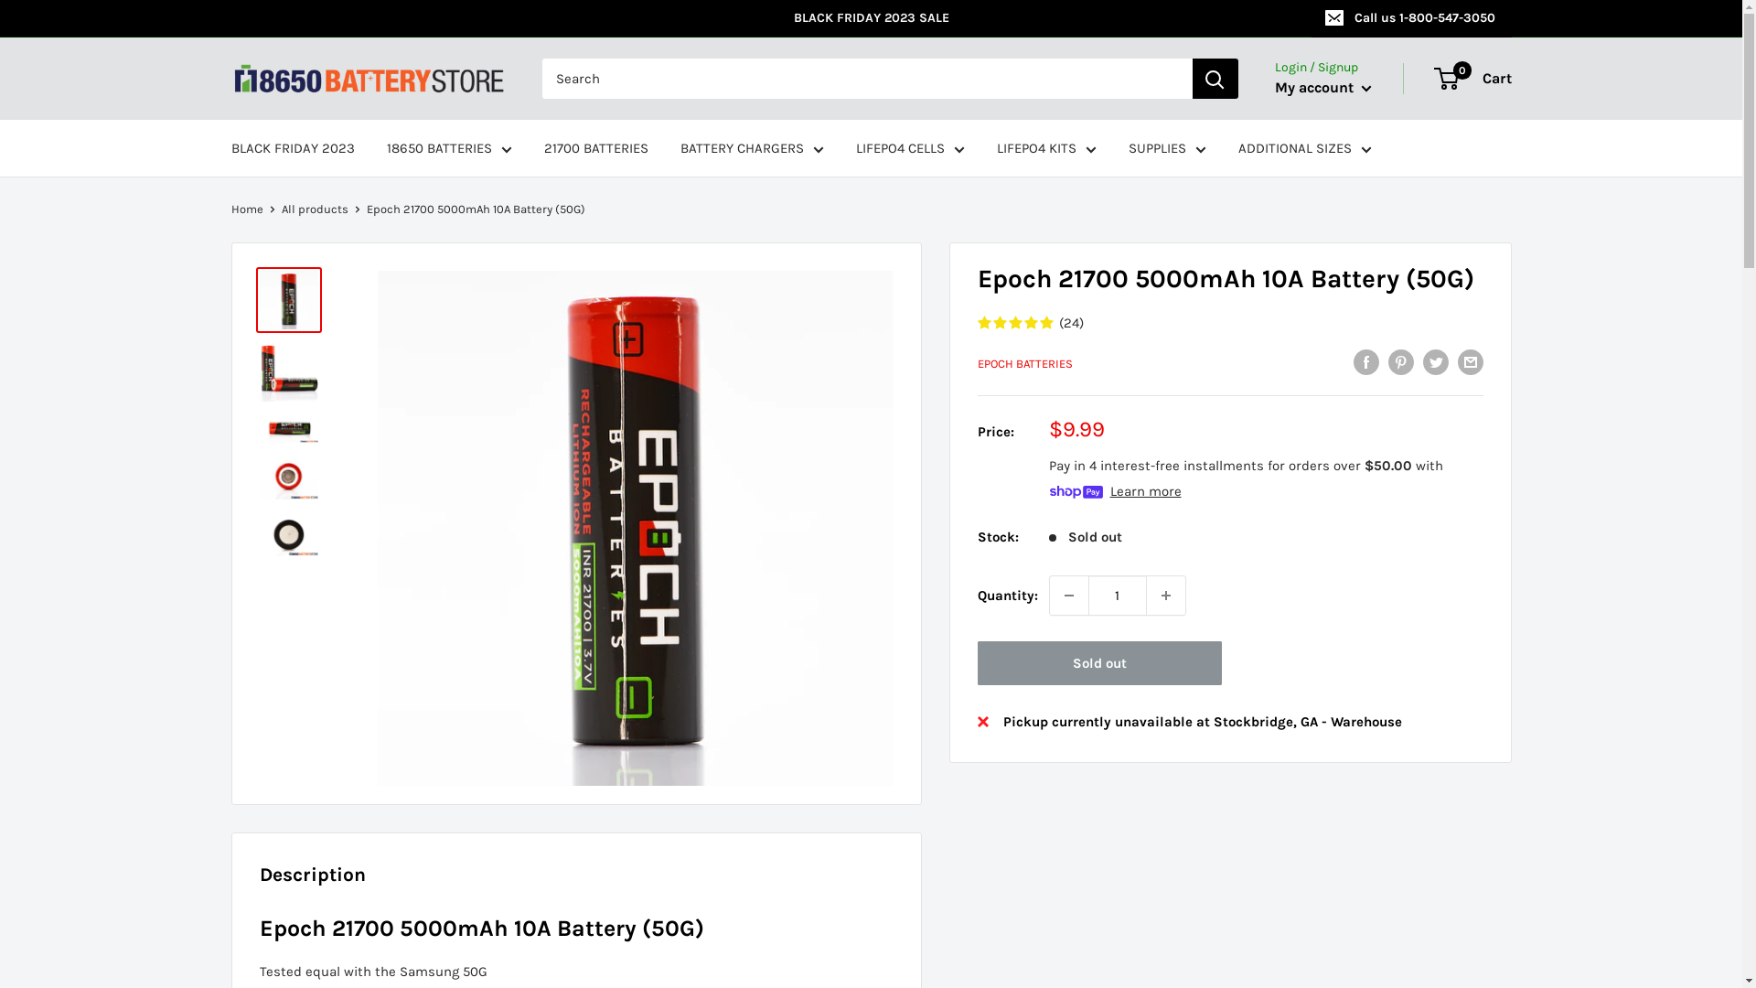  I want to click on '0, so click(1473, 77).